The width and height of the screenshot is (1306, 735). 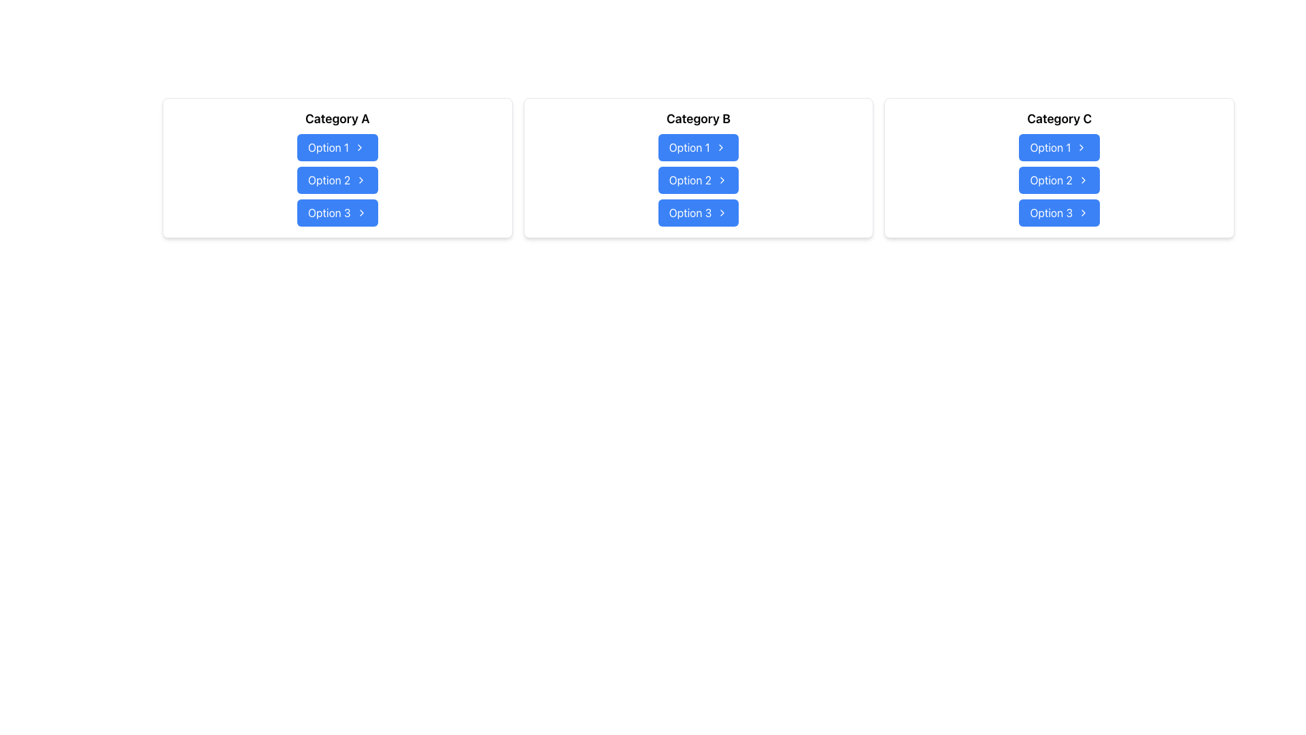 I want to click on the second button under 'Category A', so click(x=337, y=167).